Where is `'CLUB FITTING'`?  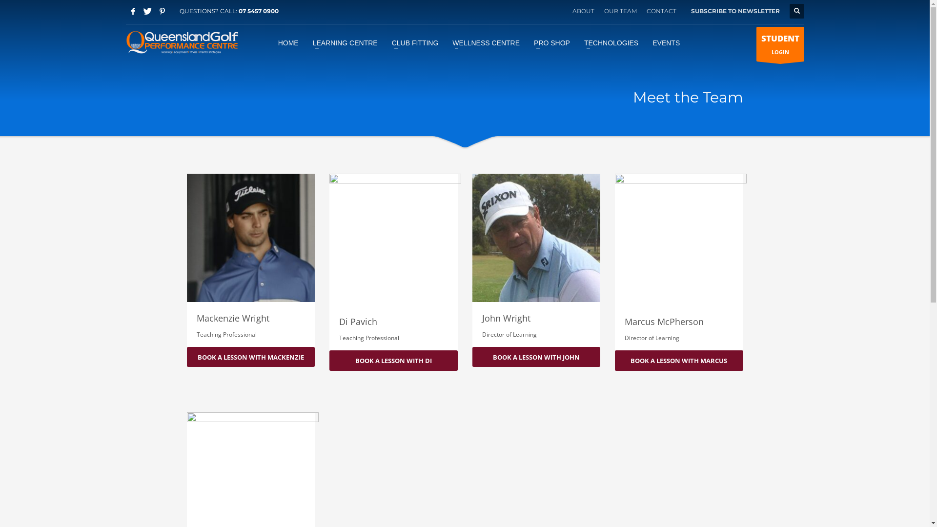 'CLUB FITTING' is located at coordinates (415, 42).